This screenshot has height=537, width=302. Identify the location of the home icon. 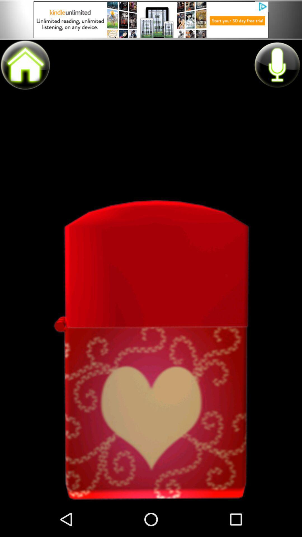
(25, 69).